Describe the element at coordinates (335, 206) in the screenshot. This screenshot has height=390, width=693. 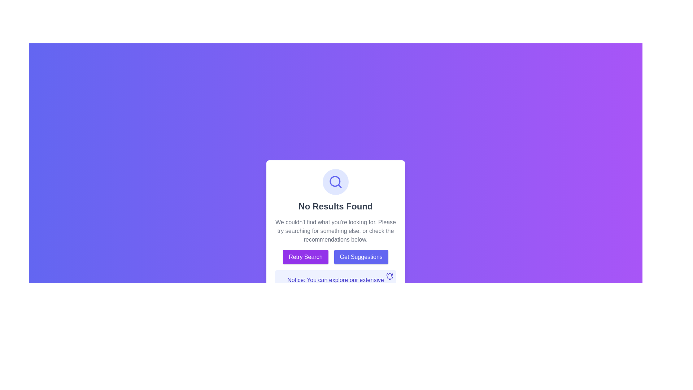
I see `heading text indicating that no results were found, located at the center of the card below the icon and above the descriptive text` at that location.